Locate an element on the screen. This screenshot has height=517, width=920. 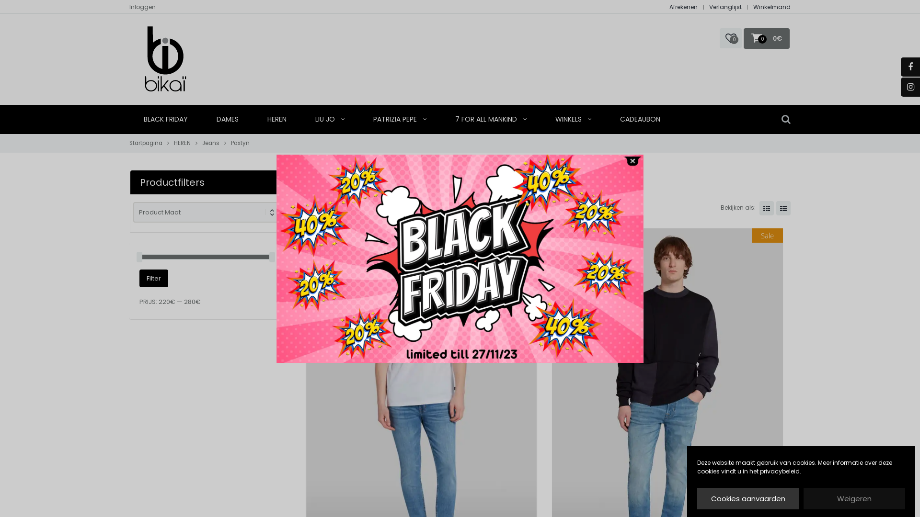
'0' is located at coordinates (730, 38).